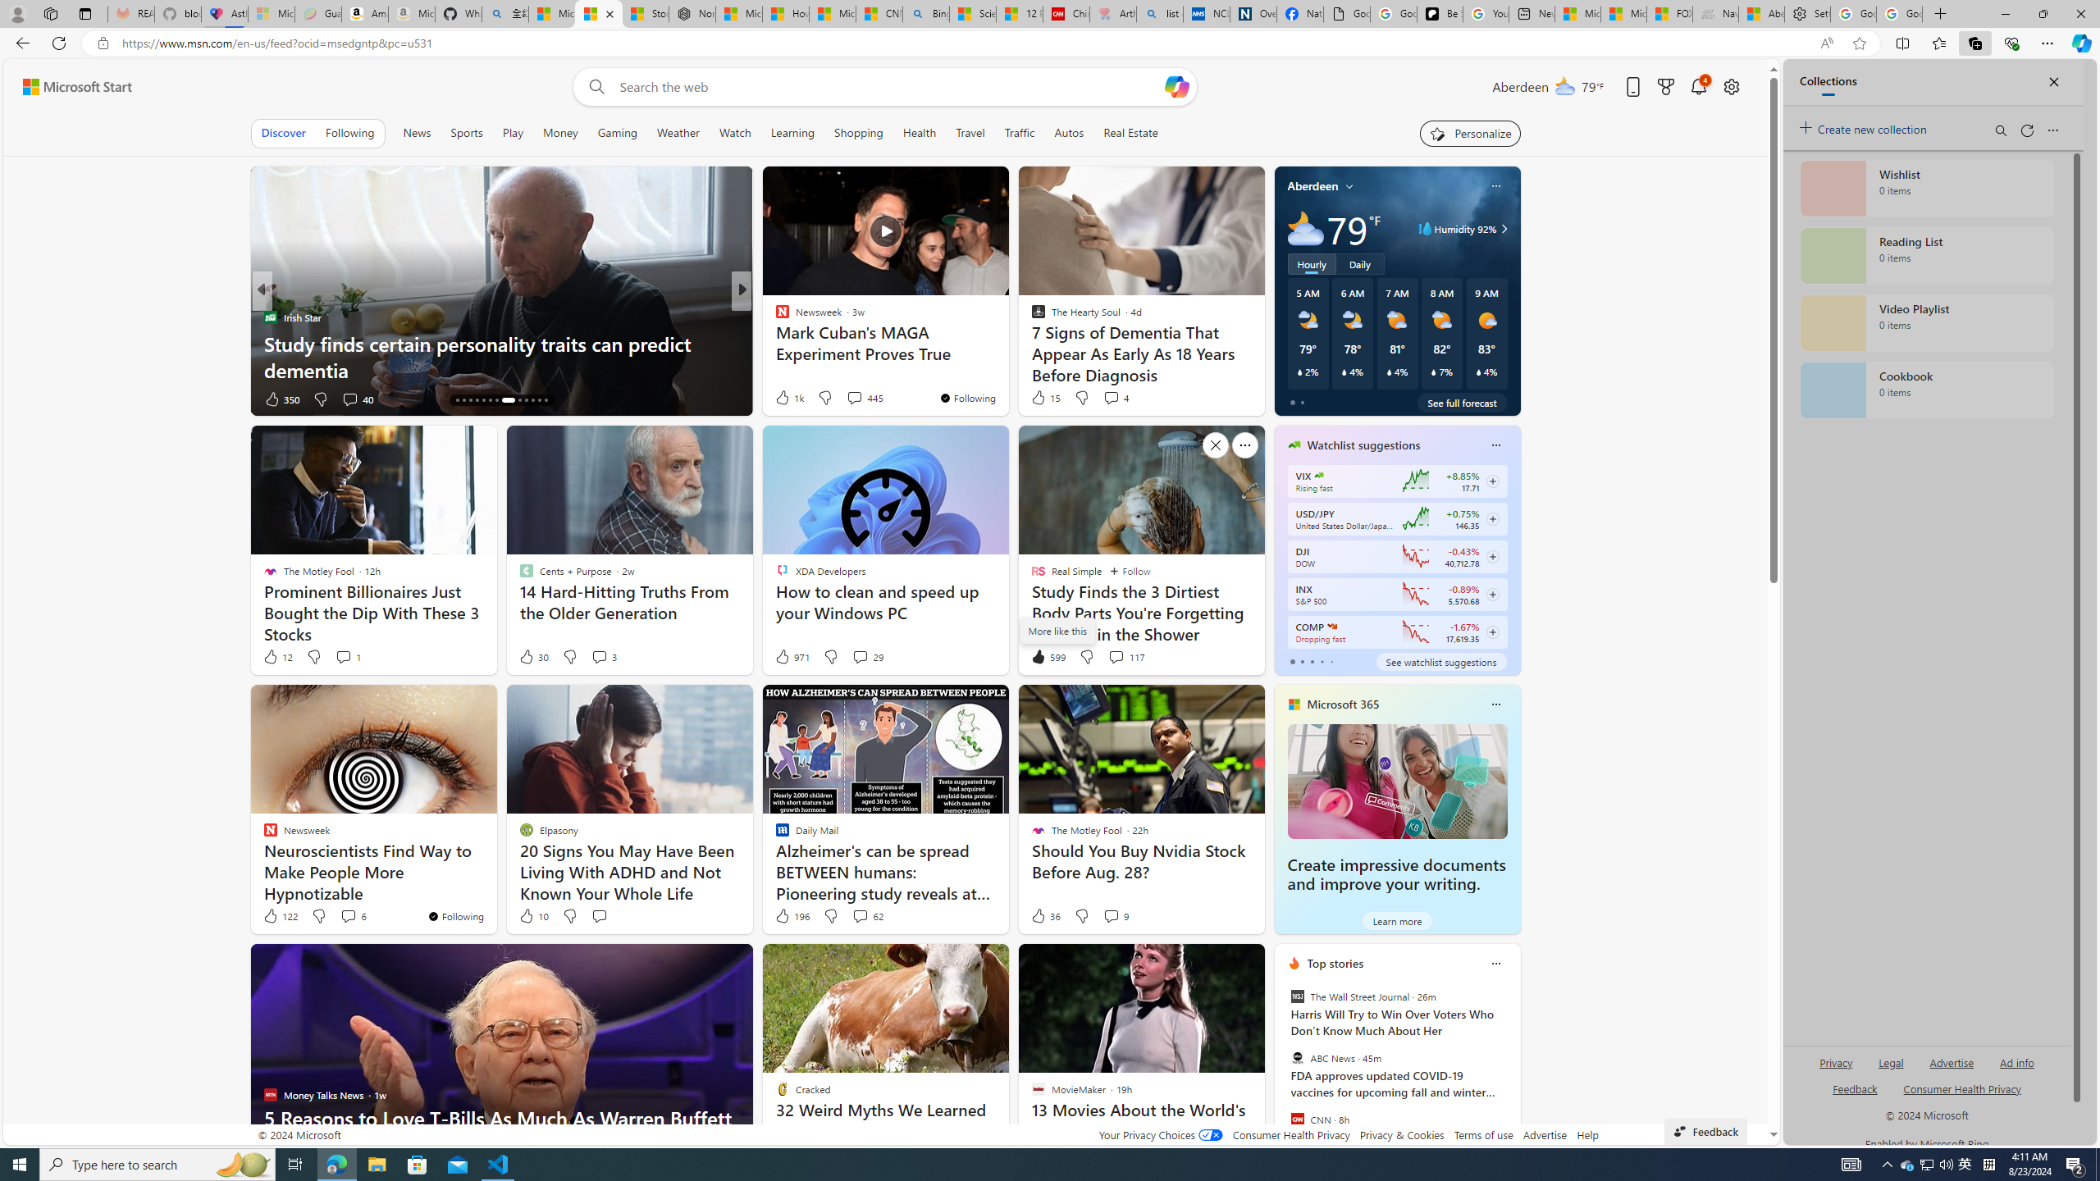 The height and width of the screenshot is (1181, 2100). Describe the element at coordinates (1304, 227) in the screenshot. I see `'Mostly cloudy'` at that location.